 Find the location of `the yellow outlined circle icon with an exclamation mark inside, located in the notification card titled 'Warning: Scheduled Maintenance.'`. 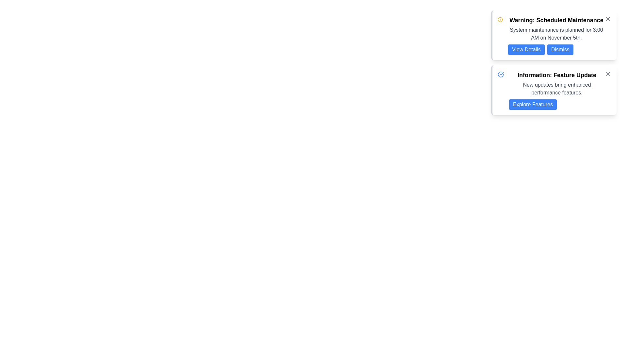

the yellow outlined circle icon with an exclamation mark inside, located in the notification card titled 'Warning: Scheduled Maintenance.' is located at coordinates (500, 19).